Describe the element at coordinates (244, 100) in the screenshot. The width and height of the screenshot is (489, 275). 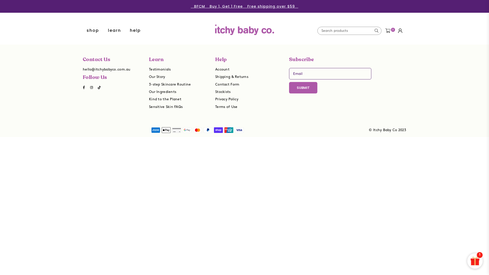
I see `'CONTINUE SHOPPING'` at that location.